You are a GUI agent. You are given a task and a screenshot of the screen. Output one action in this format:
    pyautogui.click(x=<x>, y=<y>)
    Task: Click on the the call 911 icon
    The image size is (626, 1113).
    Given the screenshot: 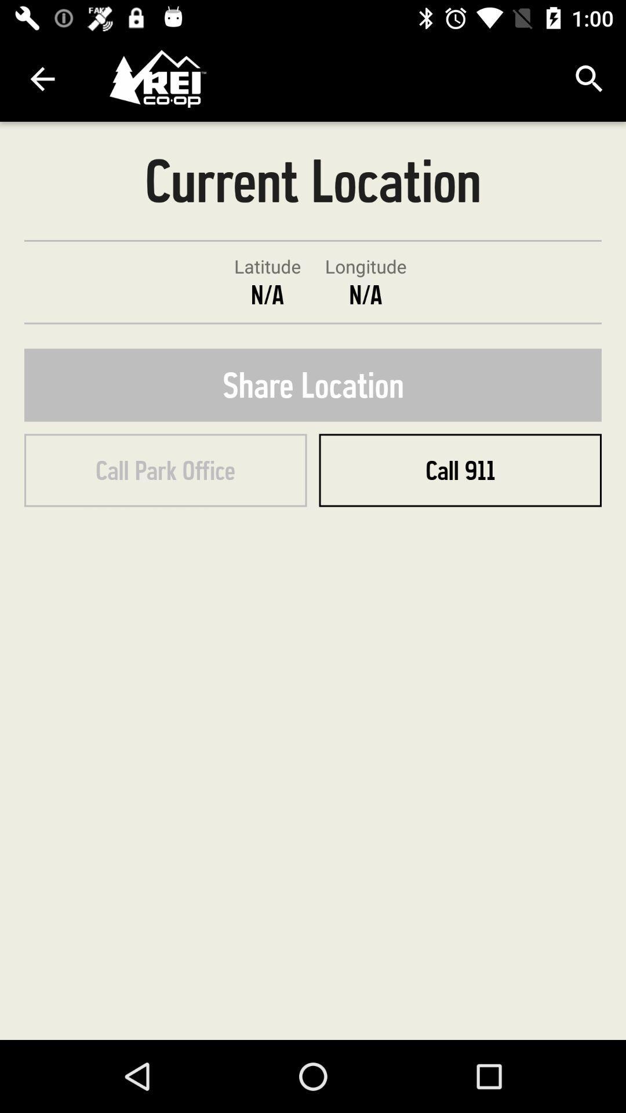 What is the action you would take?
    pyautogui.click(x=460, y=470)
    